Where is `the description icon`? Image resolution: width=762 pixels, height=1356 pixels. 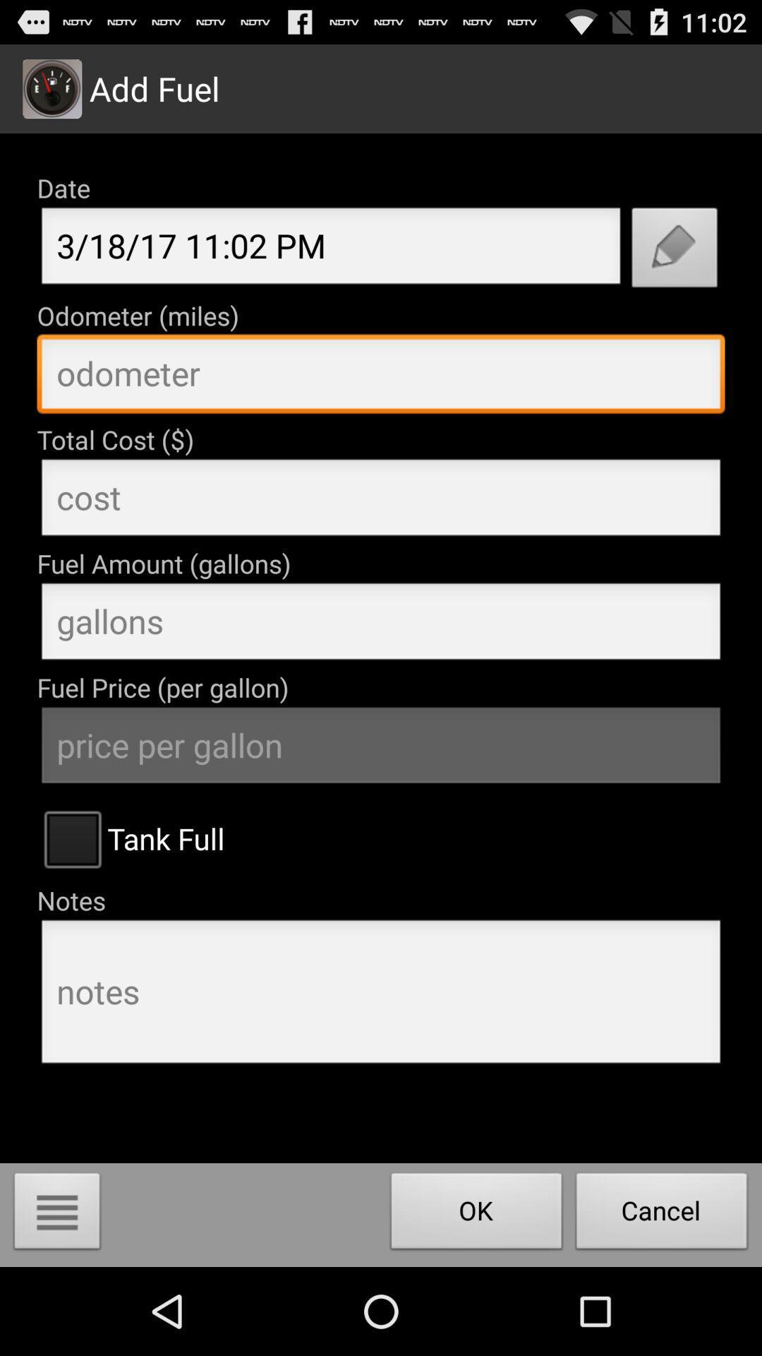 the description icon is located at coordinates (56, 1299).